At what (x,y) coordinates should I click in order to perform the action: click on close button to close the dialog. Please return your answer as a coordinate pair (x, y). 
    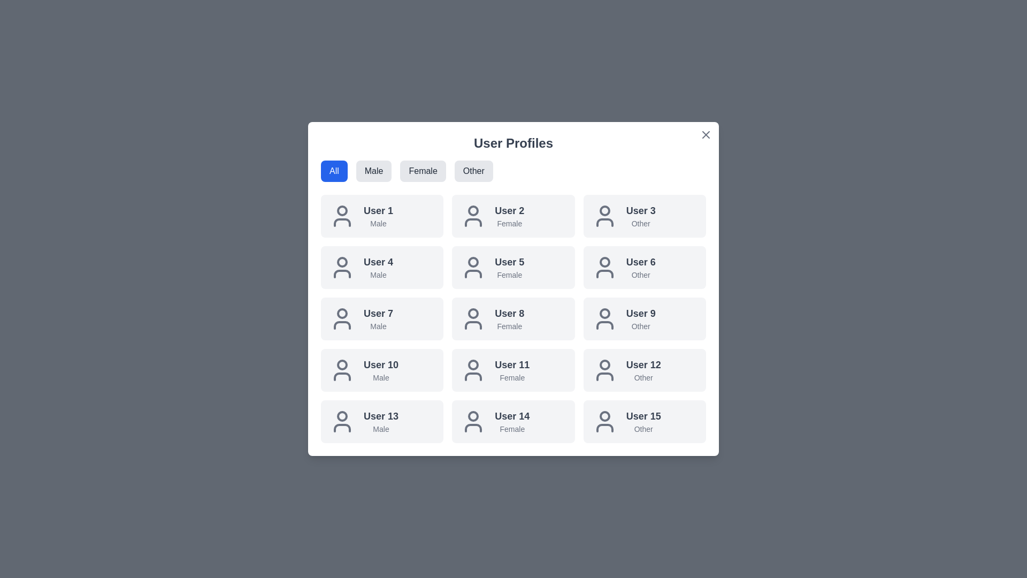
    Looking at the image, I should click on (706, 134).